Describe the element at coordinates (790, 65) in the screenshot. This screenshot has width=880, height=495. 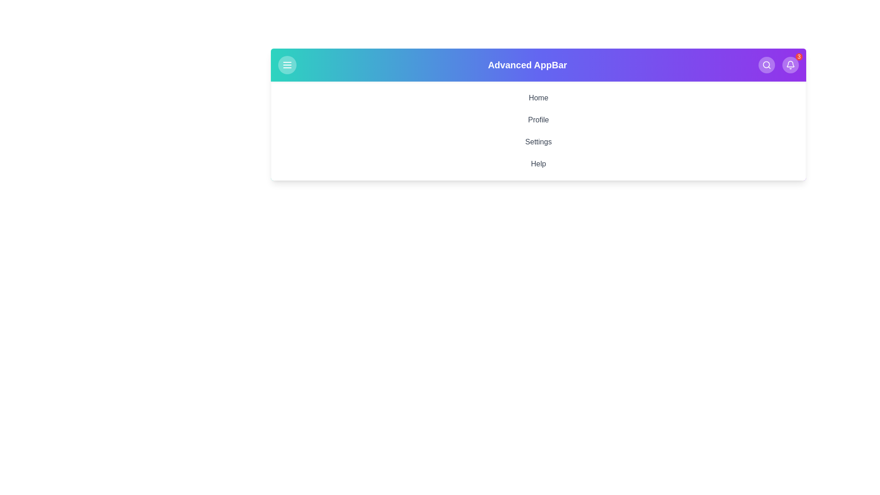
I see `the notification button located at the top-right corner of the app bar` at that location.